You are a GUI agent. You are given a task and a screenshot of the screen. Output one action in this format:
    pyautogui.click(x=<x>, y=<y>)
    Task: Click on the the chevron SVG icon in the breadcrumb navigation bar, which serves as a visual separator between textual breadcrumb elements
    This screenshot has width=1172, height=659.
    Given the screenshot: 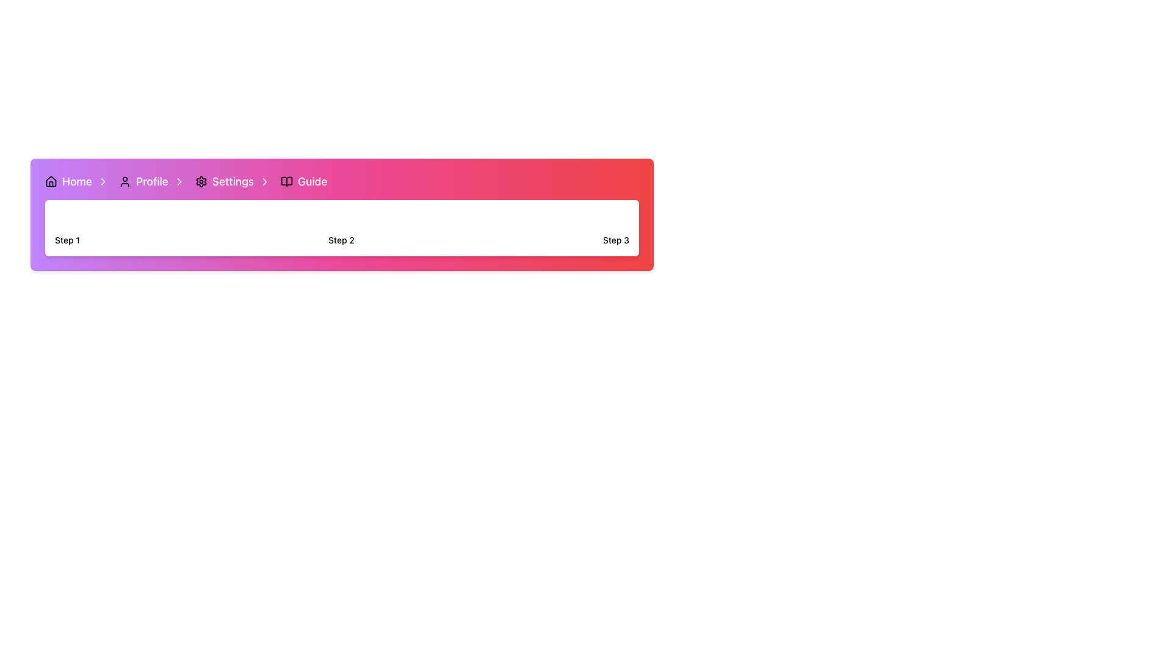 What is the action you would take?
    pyautogui.click(x=264, y=181)
    